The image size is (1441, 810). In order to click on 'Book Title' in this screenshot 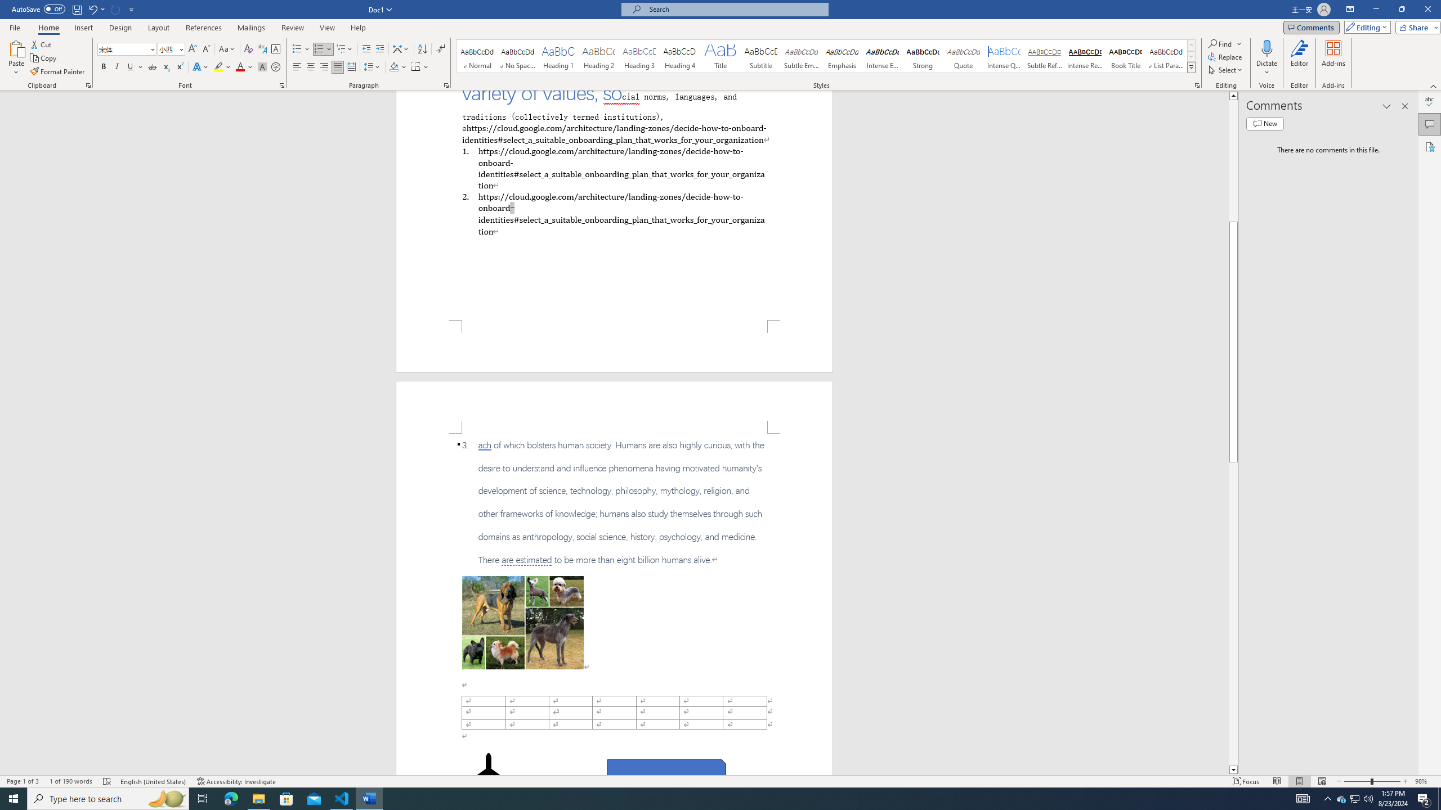, I will do `click(1125, 56)`.